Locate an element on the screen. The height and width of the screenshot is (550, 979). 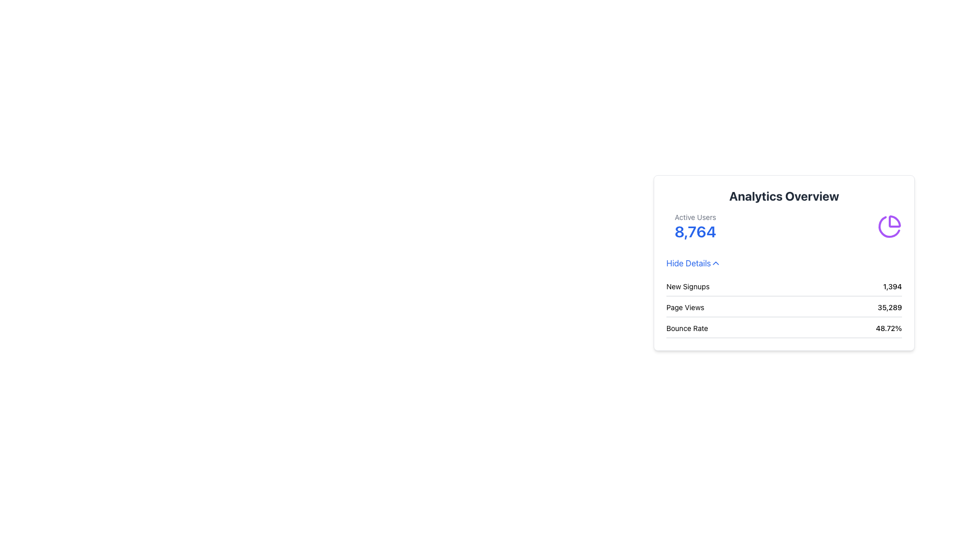
the purple pie chart icon with a stroke width of 2 located in the 'Analytics Overview' section, positioned to the right of the 'Active Users' metric is located at coordinates (889, 226).